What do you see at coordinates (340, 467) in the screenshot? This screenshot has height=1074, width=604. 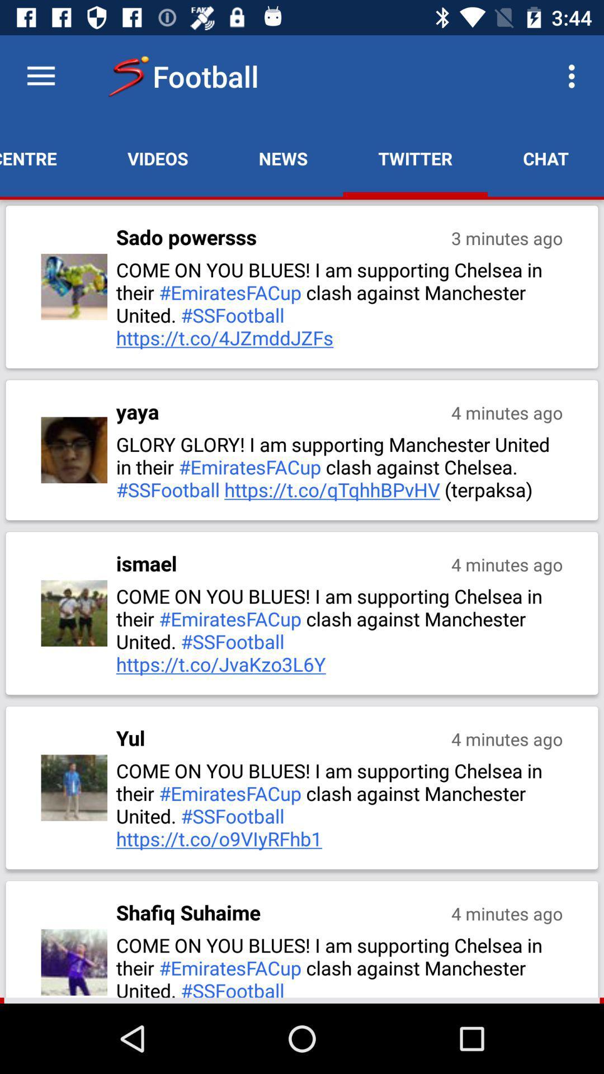 I see `icon above ismael` at bounding box center [340, 467].